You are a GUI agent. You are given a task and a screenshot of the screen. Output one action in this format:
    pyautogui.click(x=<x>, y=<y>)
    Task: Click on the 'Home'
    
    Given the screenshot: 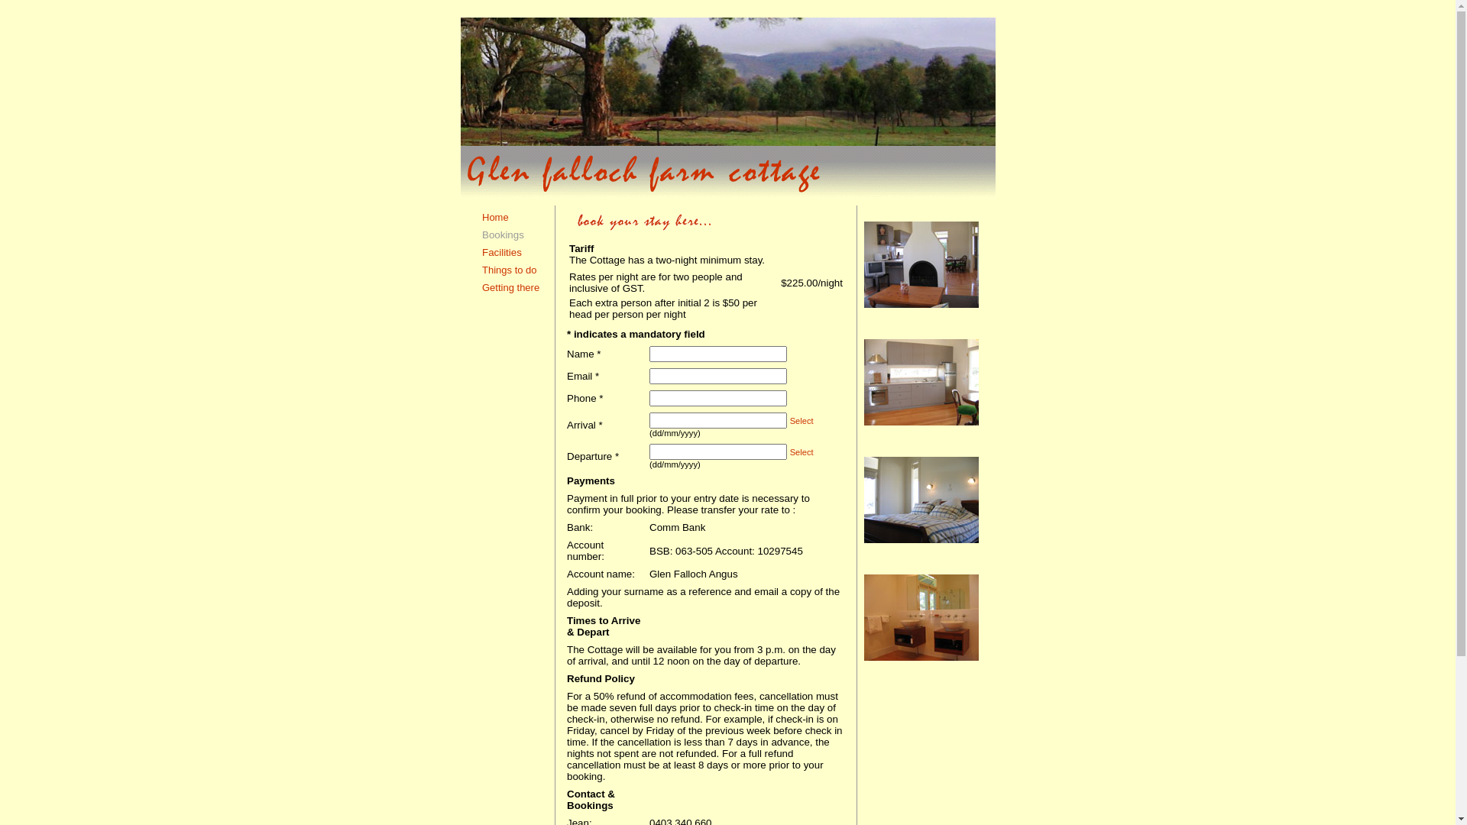 What is the action you would take?
    pyautogui.click(x=495, y=217)
    